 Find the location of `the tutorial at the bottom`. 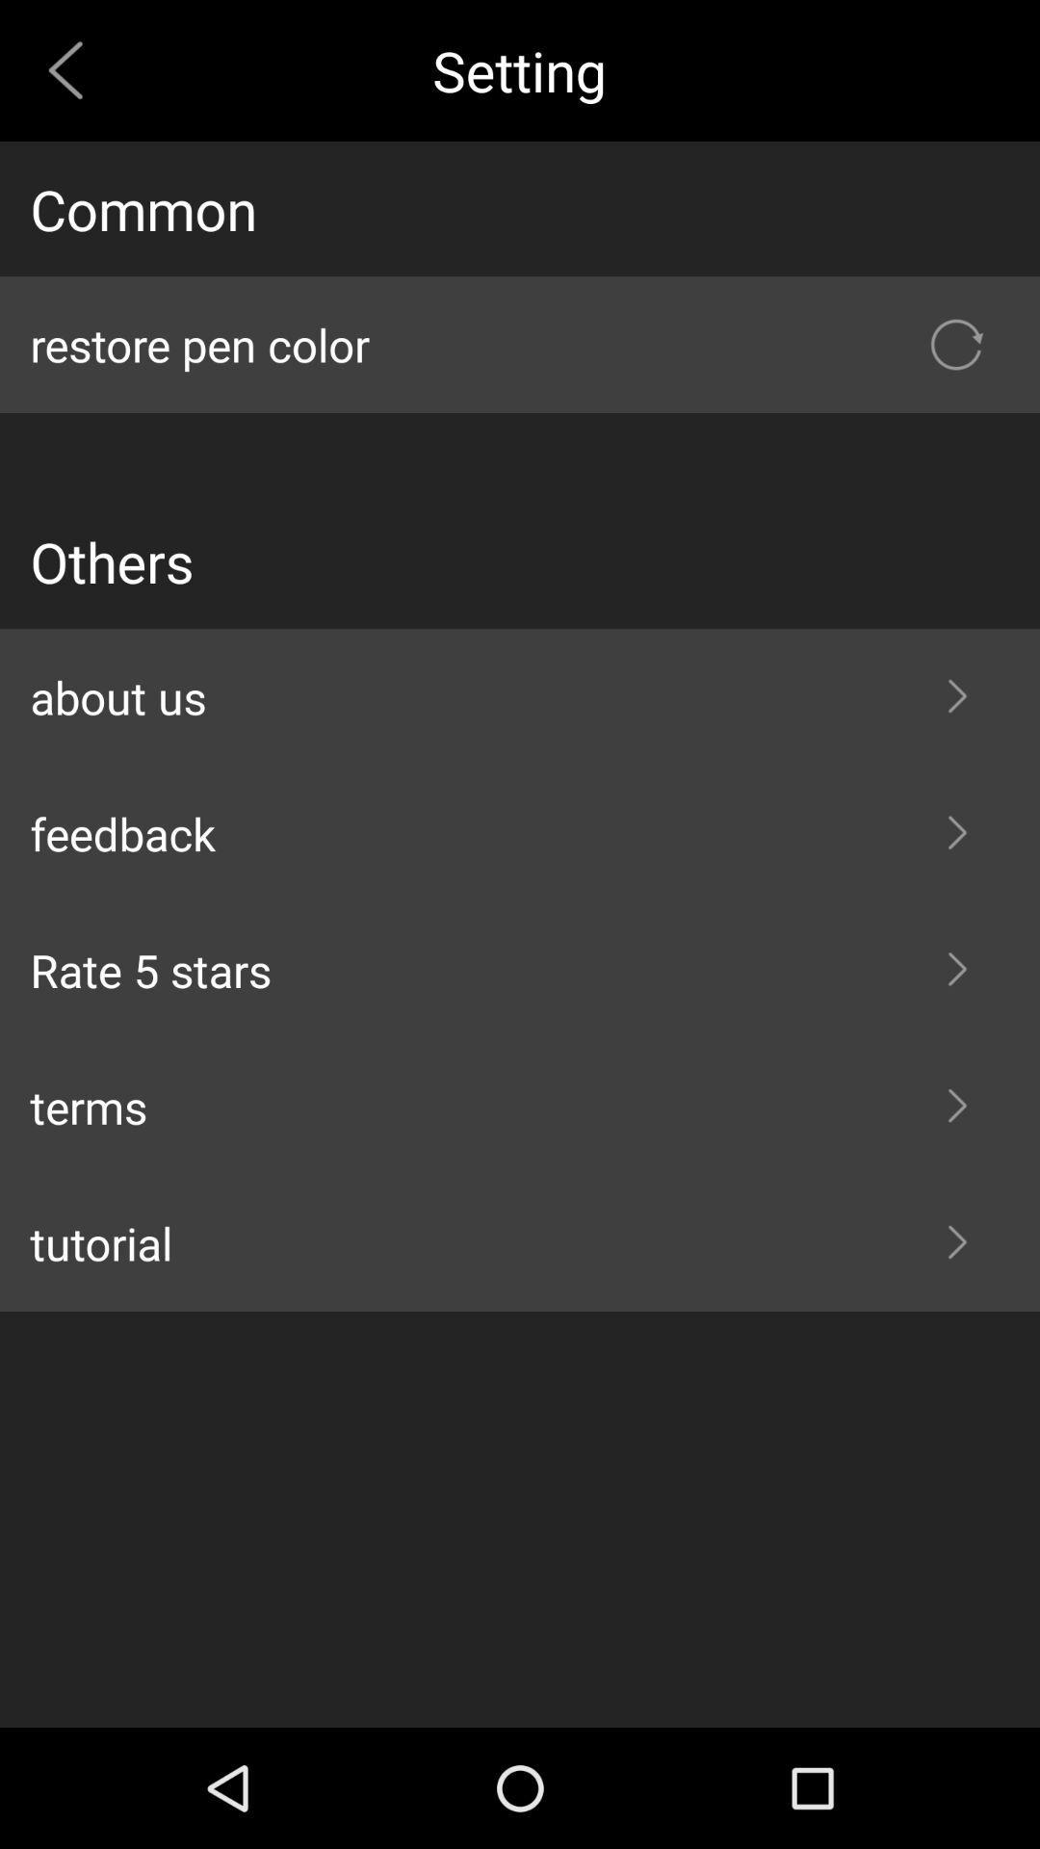

the tutorial at the bottom is located at coordinates (520, 1243).